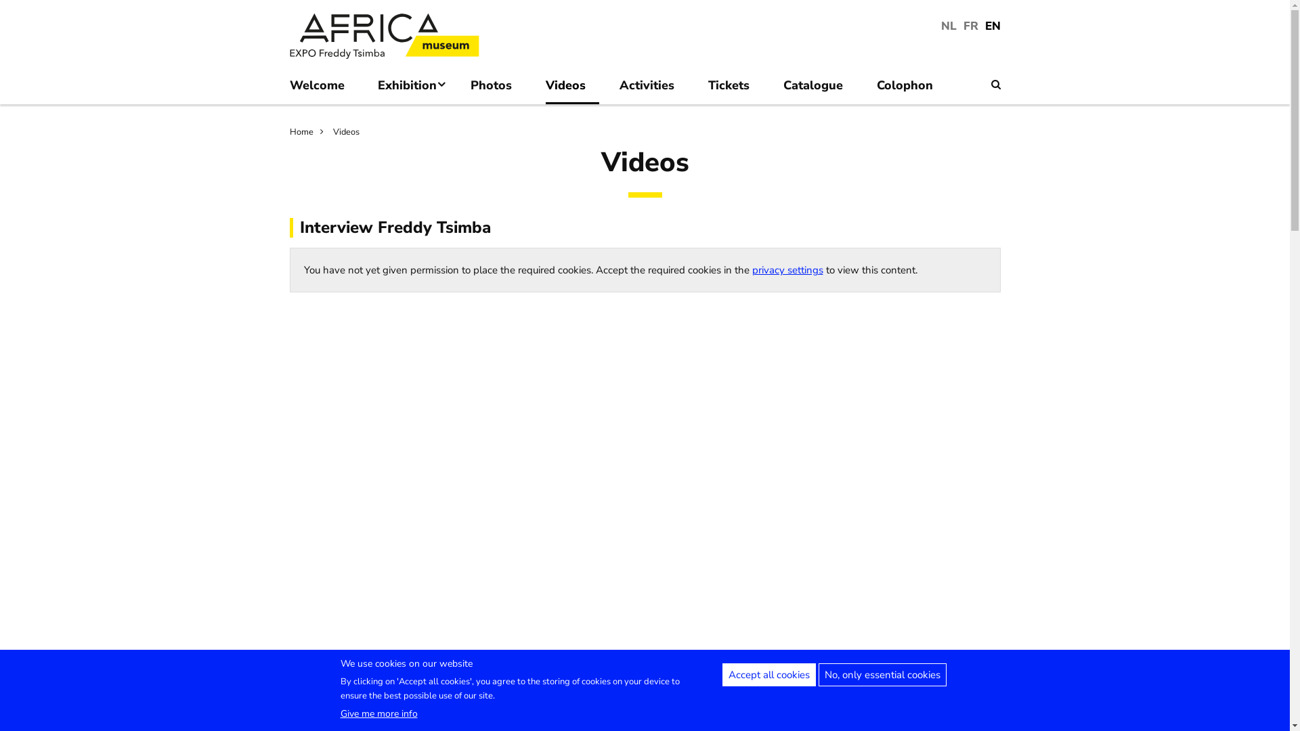 This screenshot has height=731, width=1300. Describe the element at coordinates (332, 132) in the screenshot. I see `'Videos'` at that location.